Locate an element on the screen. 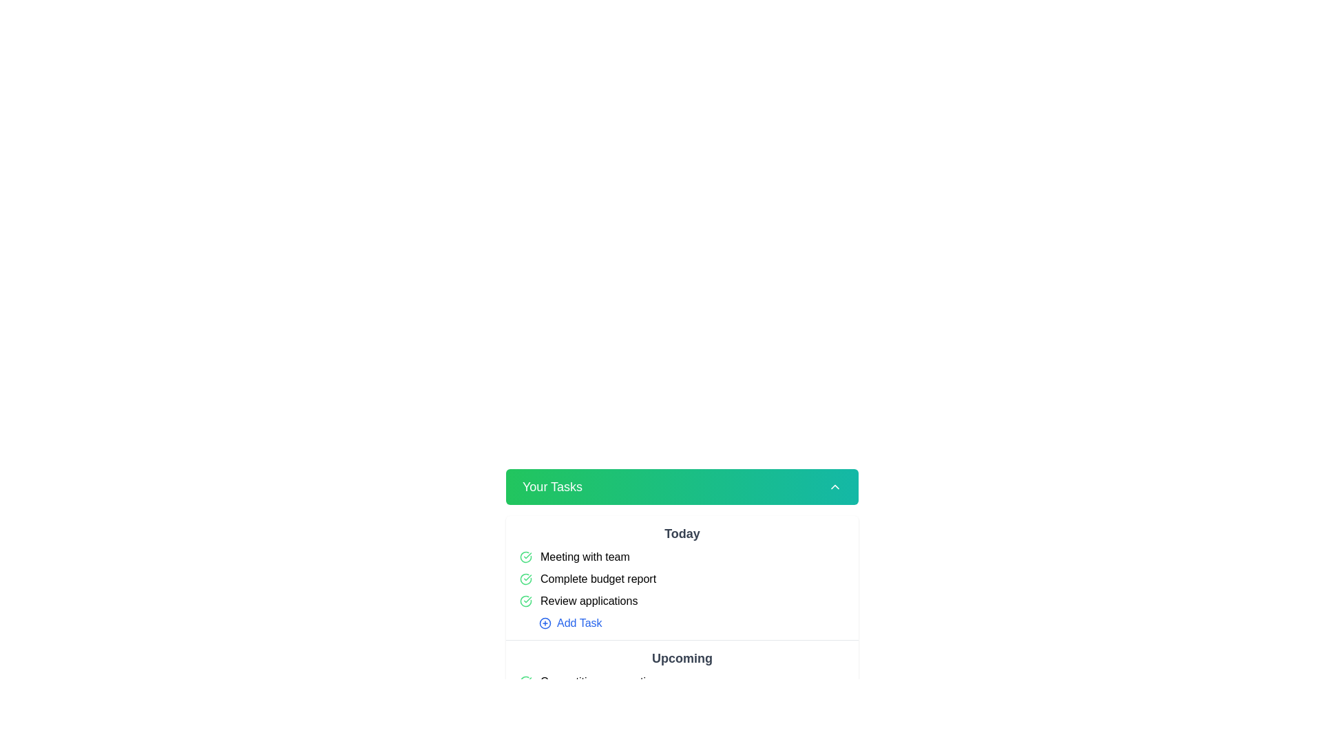 This screenshot has width=1322, height=744. the circular green checkmark icon indicating a completed action, located to the left of the 'Meeting with team' text is located at coordinates (525, 557).